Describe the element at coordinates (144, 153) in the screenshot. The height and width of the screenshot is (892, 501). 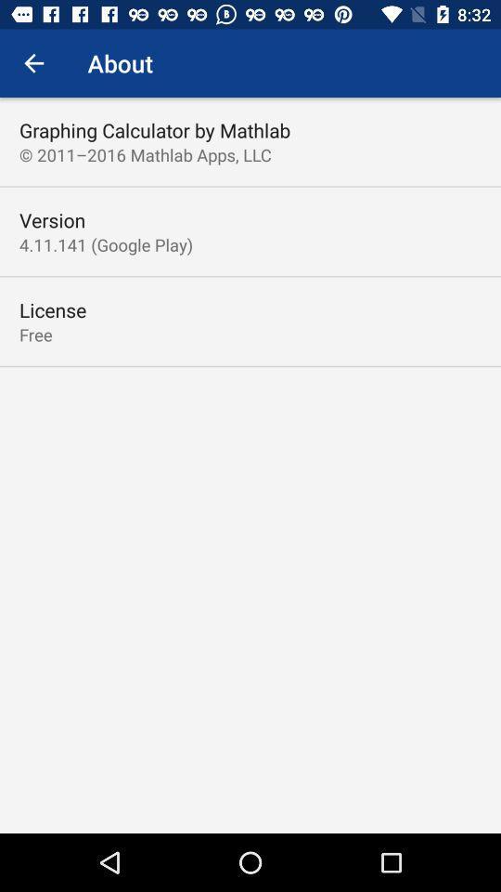
I see `item below the graphing calculator by item` at that location.